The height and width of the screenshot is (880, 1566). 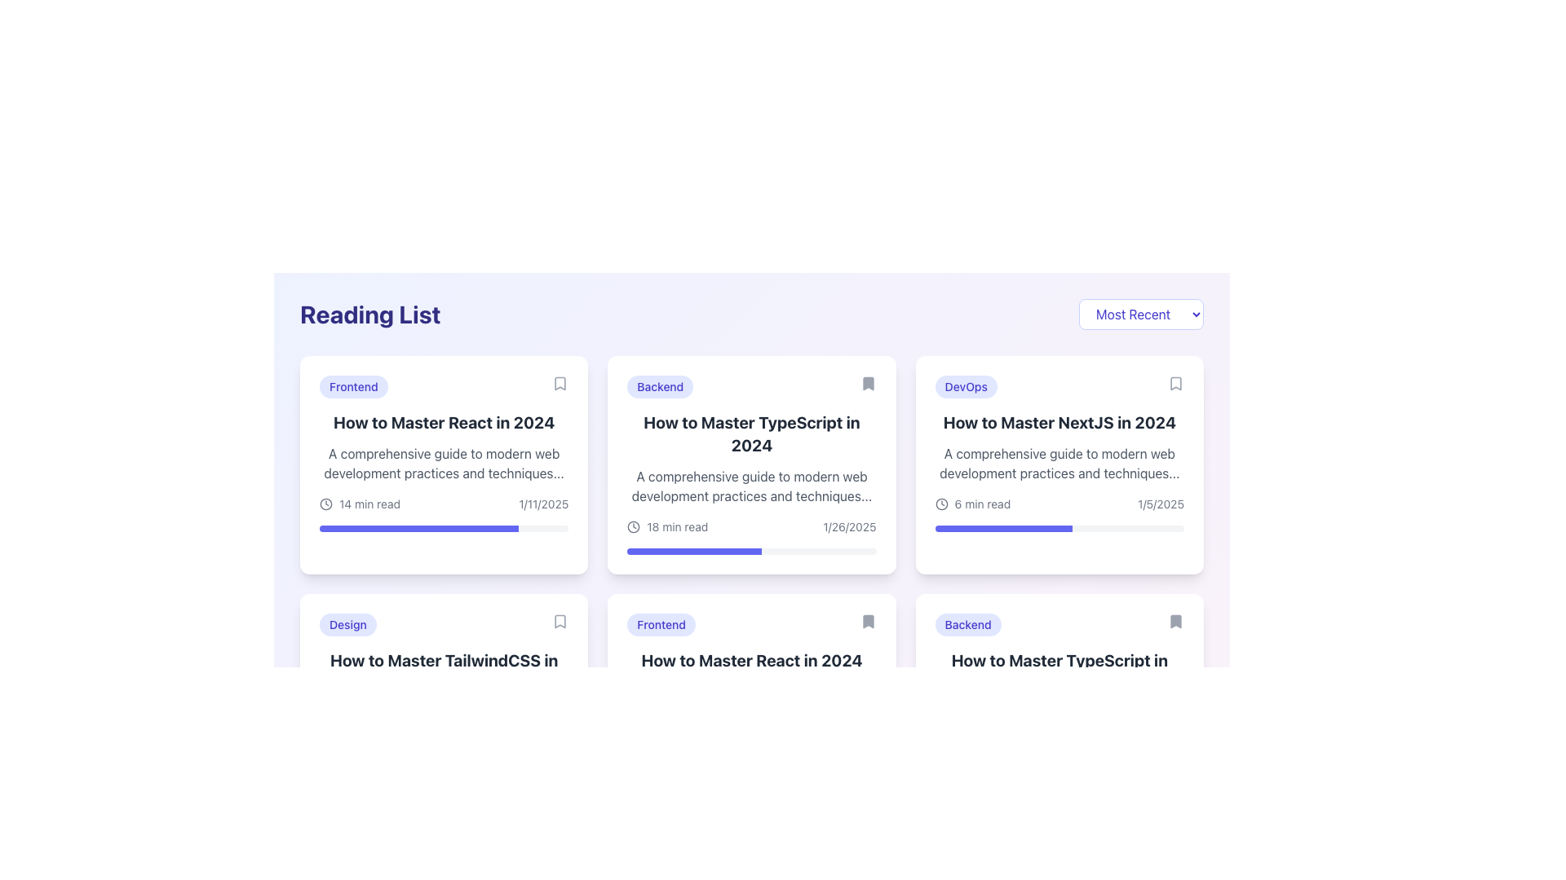 I want to click on the bookmark icon located in the top-right corner of the 'How to Master React in 2024' card in the 'Reading List' section, so click(x=560, y=383).